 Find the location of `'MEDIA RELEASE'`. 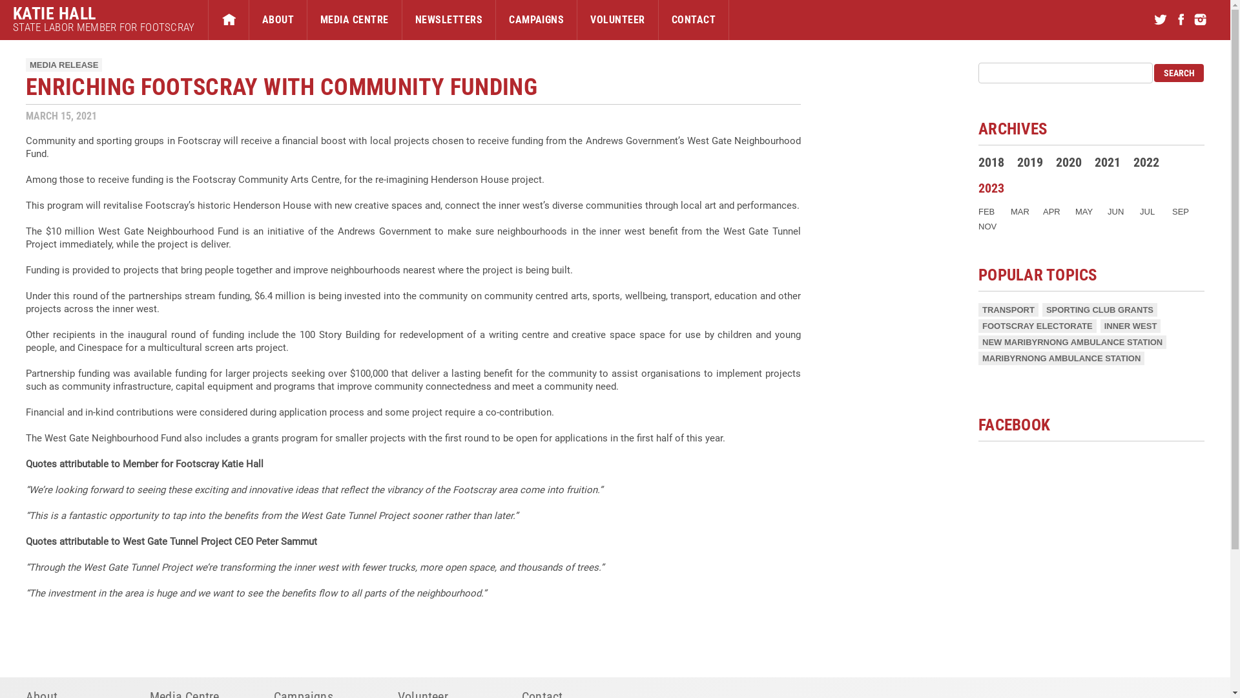

'MEDIA RELEASE' is located at coordinates (25, 65).